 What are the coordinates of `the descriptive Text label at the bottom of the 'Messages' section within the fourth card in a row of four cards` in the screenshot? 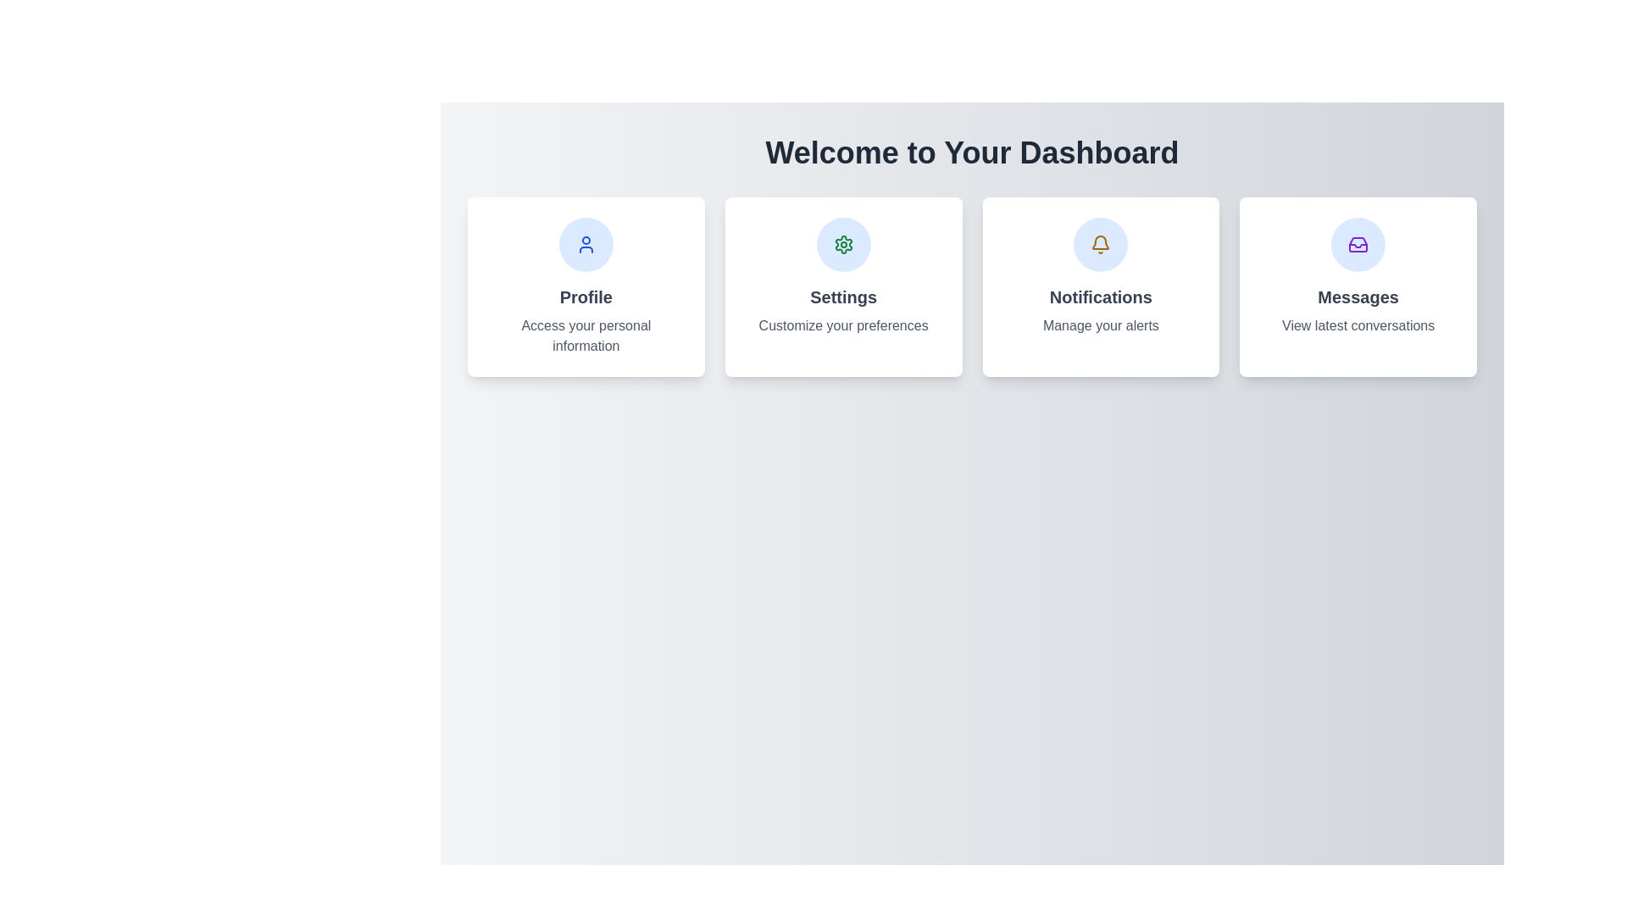 It's located at (1358, 326).